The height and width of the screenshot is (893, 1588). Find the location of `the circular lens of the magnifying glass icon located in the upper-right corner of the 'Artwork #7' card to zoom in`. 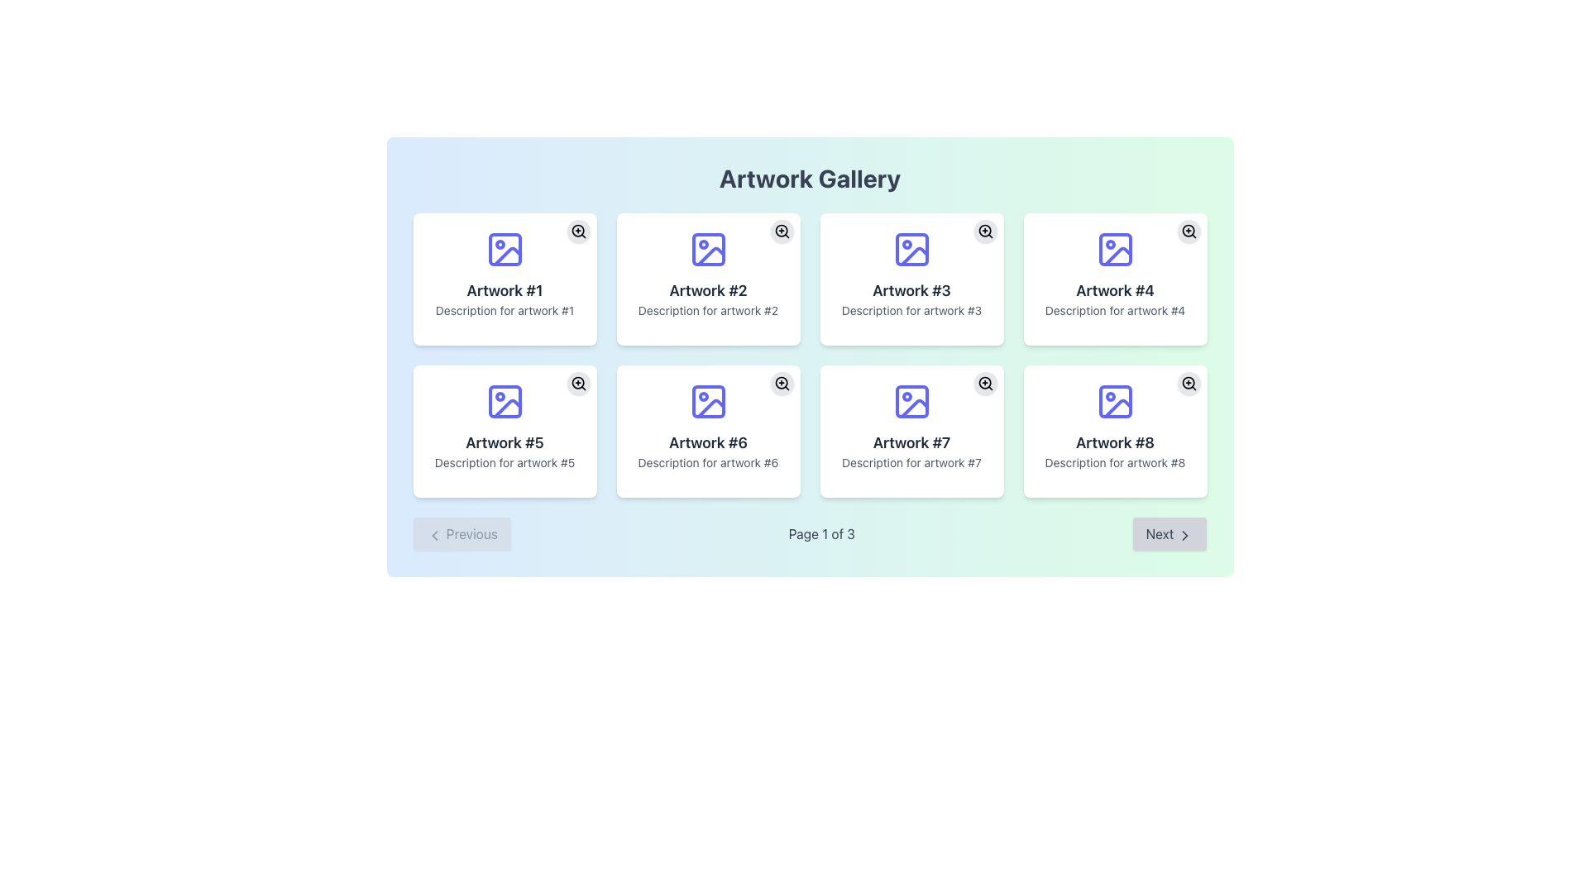

the circular lens of the magnifying glass icon located in the upper-right corner of the 'Artwork #7' card to zoom in is located at coordinates (984, 382).